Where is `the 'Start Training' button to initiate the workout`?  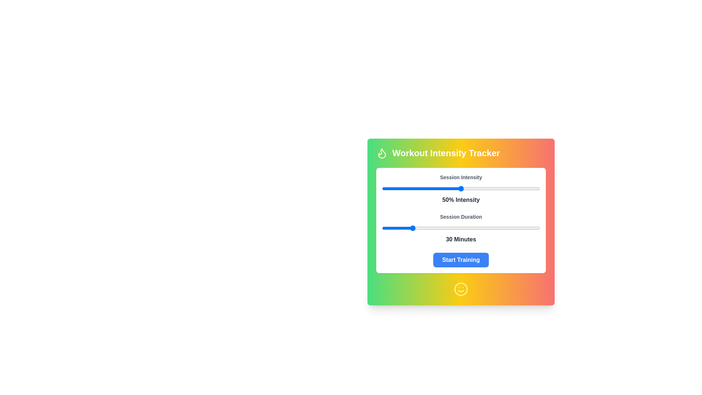 the 'Start Training' button to initiate the workout is located at coordinates (461, 259).